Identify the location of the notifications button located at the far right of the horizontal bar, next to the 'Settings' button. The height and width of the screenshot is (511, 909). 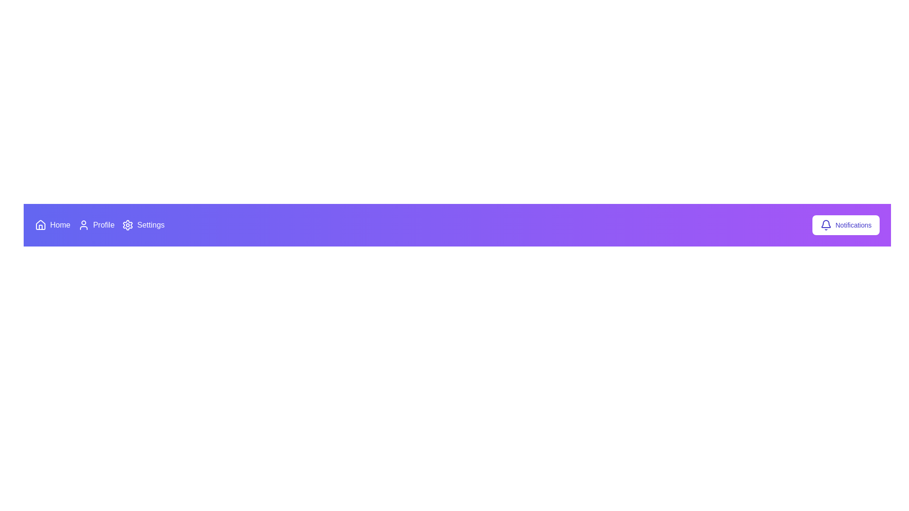
(846, 225).